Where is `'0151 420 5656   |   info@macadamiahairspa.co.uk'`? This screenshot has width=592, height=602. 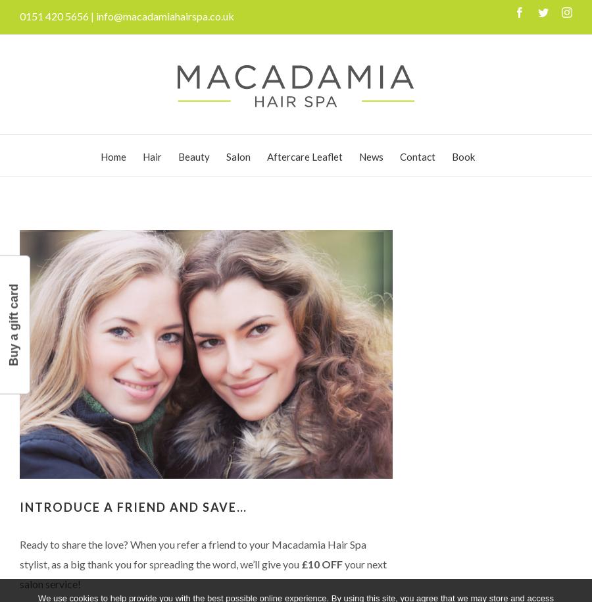
'0151 420 5656   |   info@macadamiahairspa.co.uk' is located at coordinates (126, 16).